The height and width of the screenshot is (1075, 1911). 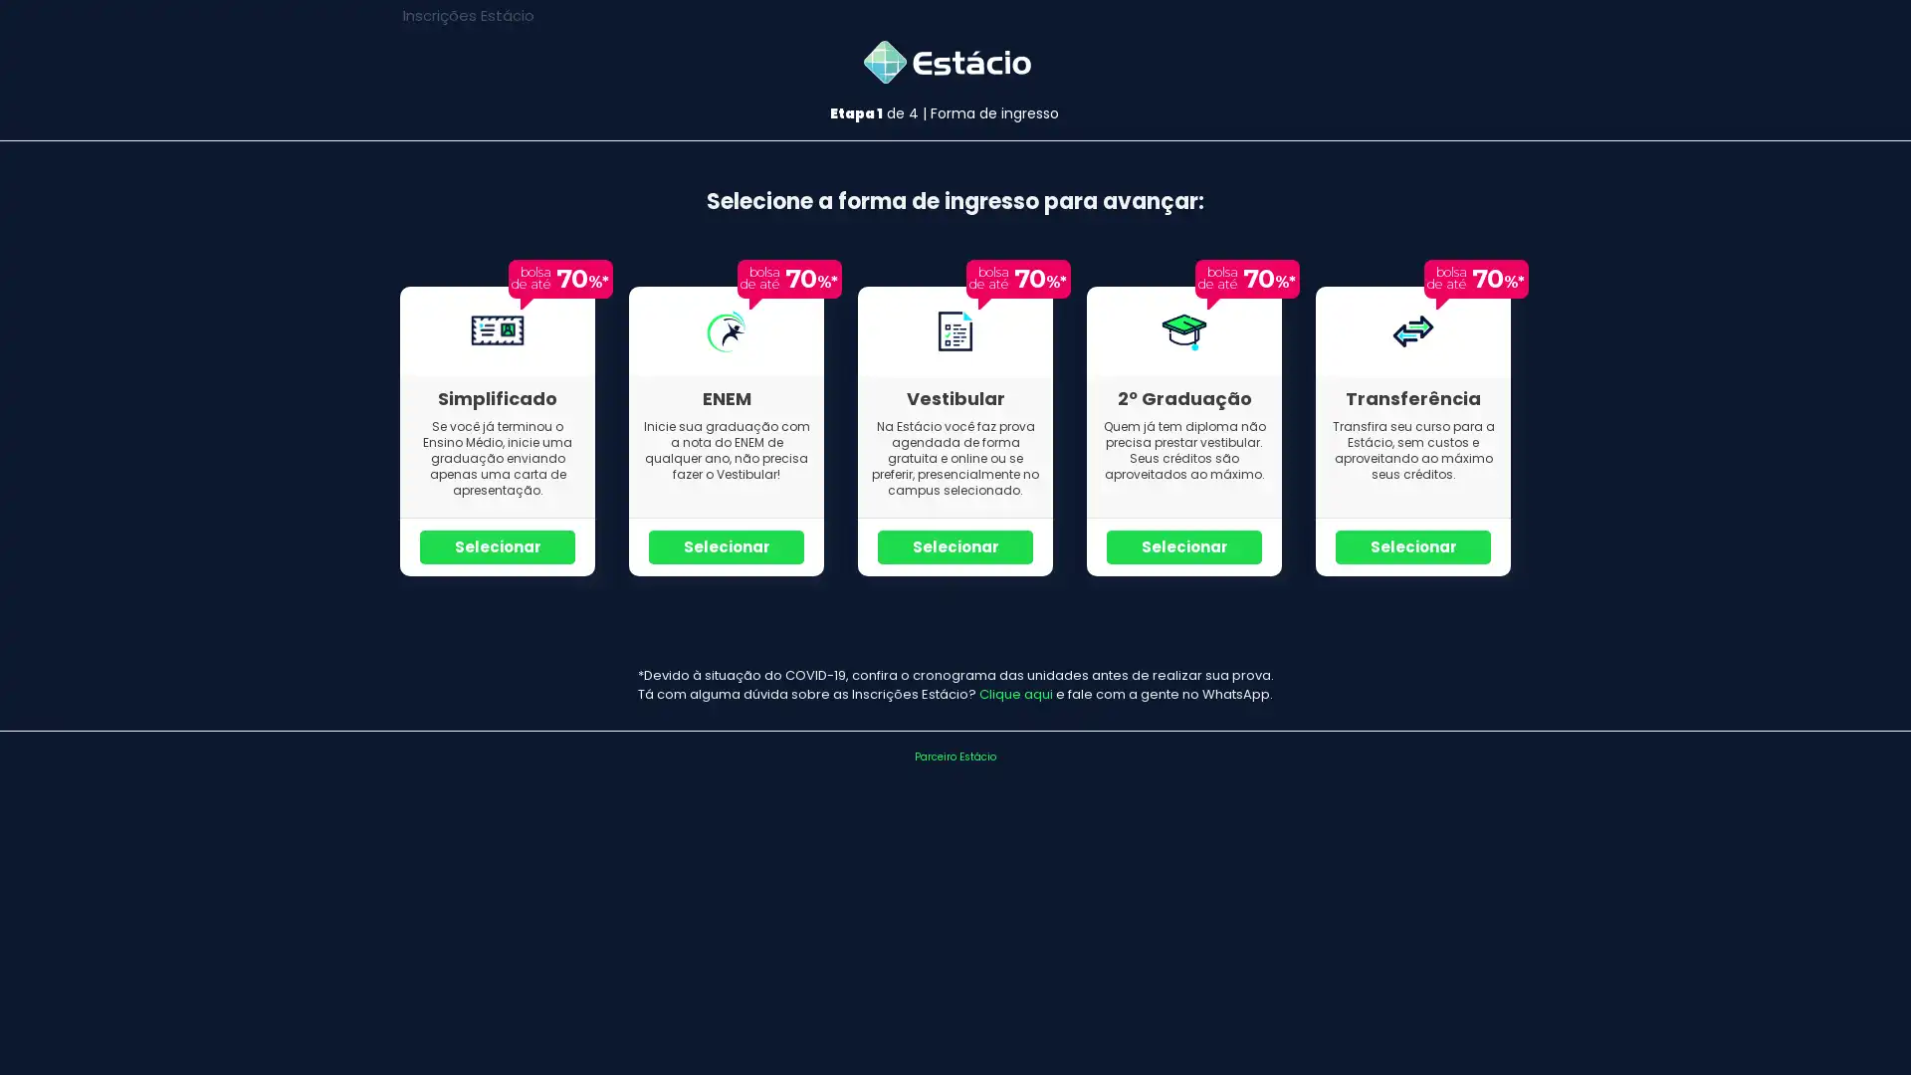 What do you see at coordinates (725, 545) in the screenshot?
I see `Selecionar` at bounding box center [725, 545].